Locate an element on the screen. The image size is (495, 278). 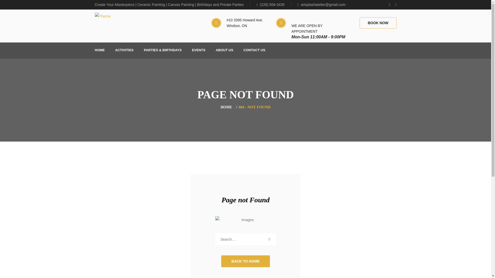
'Theme' is located at coordinates (103, 16).